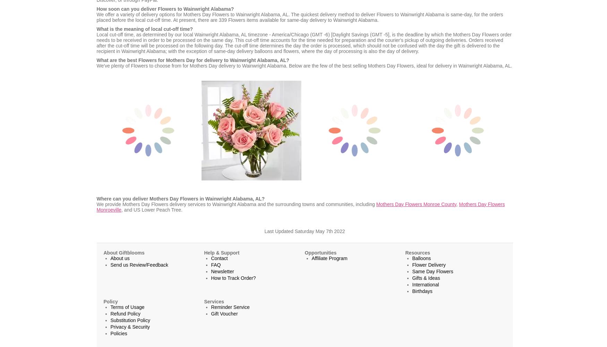 Image resolution: width=607 pixels, height=347 pixels. I want to click on 'Mothers Day Flowers Monroe County', so click(416, 203).